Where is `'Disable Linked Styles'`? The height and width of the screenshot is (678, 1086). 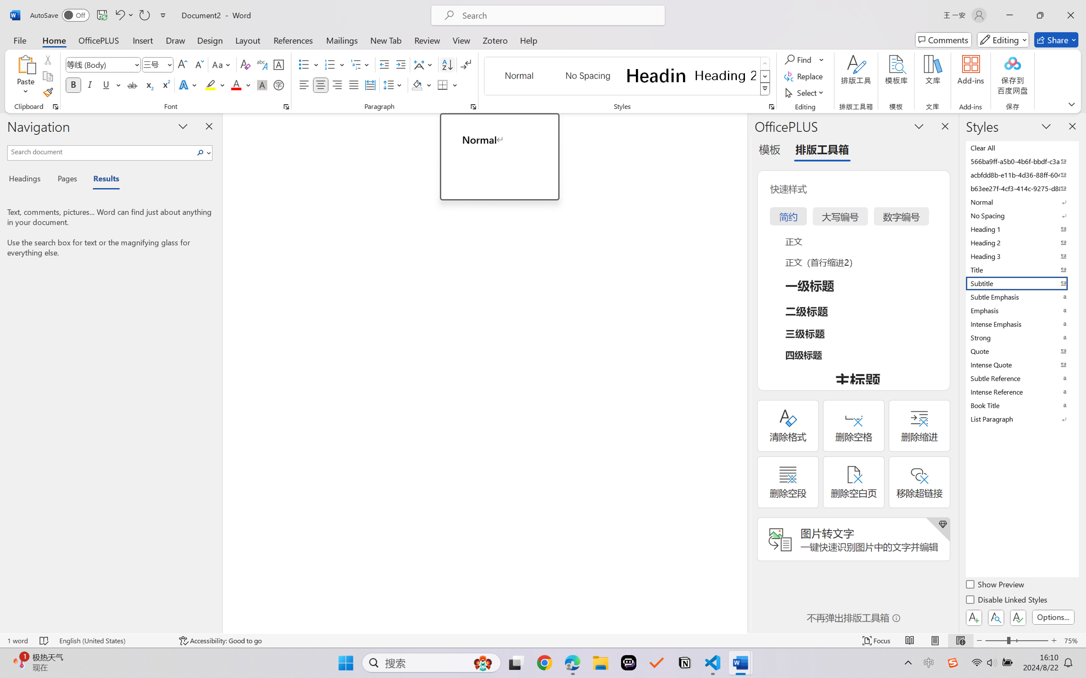 'Disable Linked Styles' is located at coordinates (1007, 600).